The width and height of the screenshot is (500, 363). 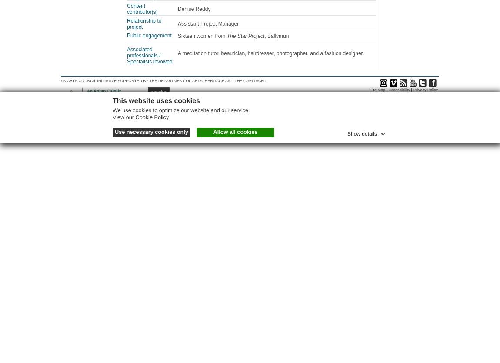 What do you see at coordinates (400, 96) in the screenshot?
I see `'Design & Development by Roomthree.com'` at bounding box center [400, 96].